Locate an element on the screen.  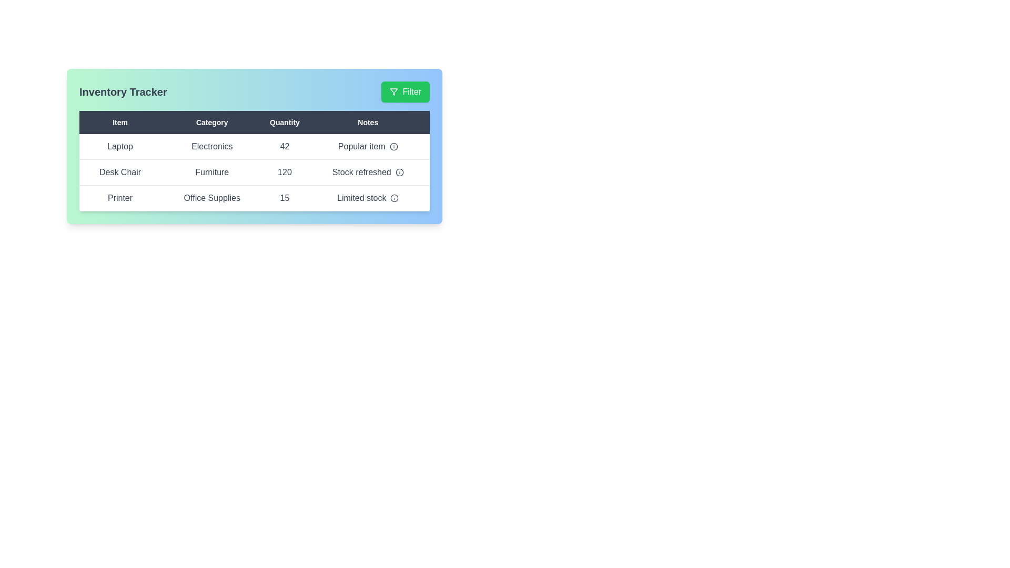
the cell containing 120 to select its text is located at coordinates (285, 171).